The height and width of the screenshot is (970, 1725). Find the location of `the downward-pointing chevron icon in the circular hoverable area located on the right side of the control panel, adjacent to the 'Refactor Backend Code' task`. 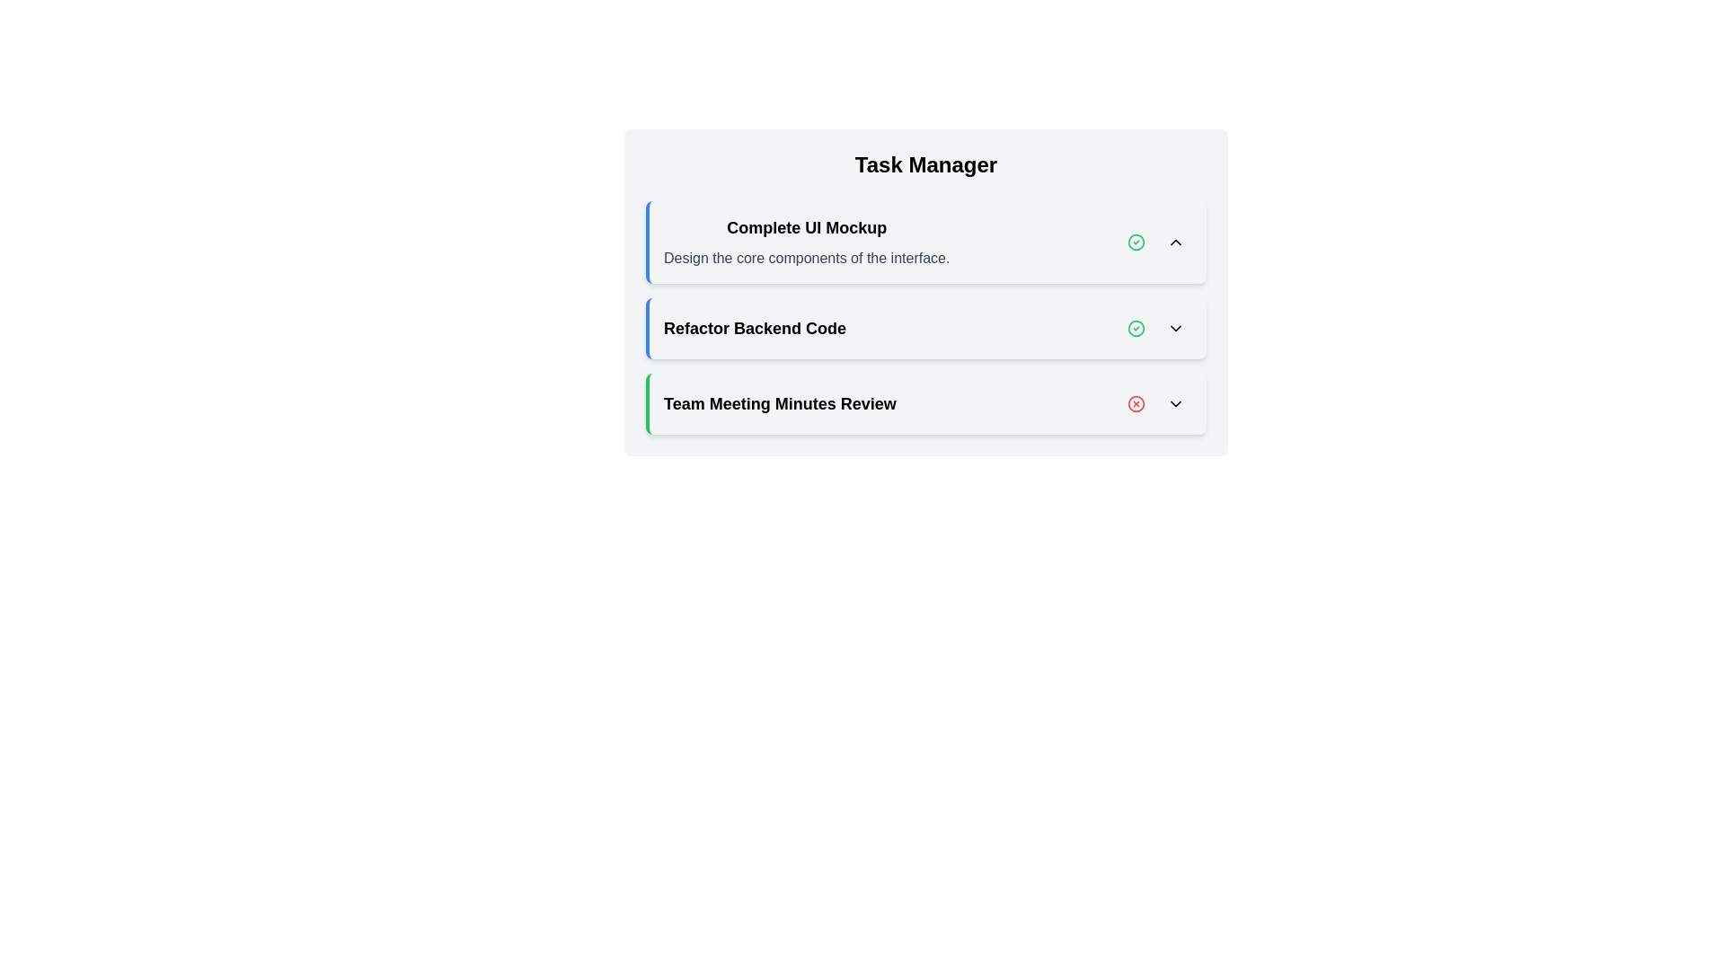

the downward-pointing chevron icon in the circular hoverable area located on the right side of the control panel, adjacent to the 'Refactor Backend Code' task is located at coordinates (1176, 329).